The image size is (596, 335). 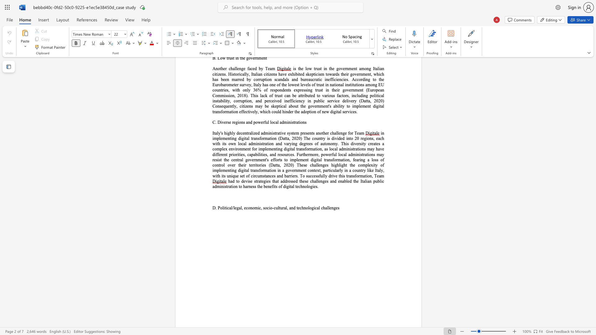 What do you see at coordinates (263, 208) in the screenshot?
I see `the subset text "socio-cultu" within the text "D. Political/legal, economic, socio-cultural, and technological challenges"` at bounding box center [263, 208].